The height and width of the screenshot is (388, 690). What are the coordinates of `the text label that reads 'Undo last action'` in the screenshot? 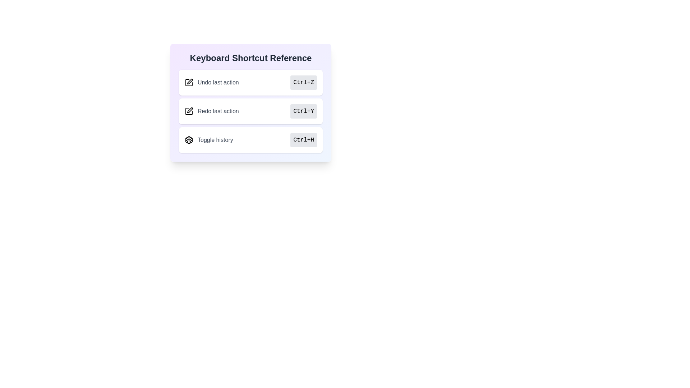 It's located at (218, 82).